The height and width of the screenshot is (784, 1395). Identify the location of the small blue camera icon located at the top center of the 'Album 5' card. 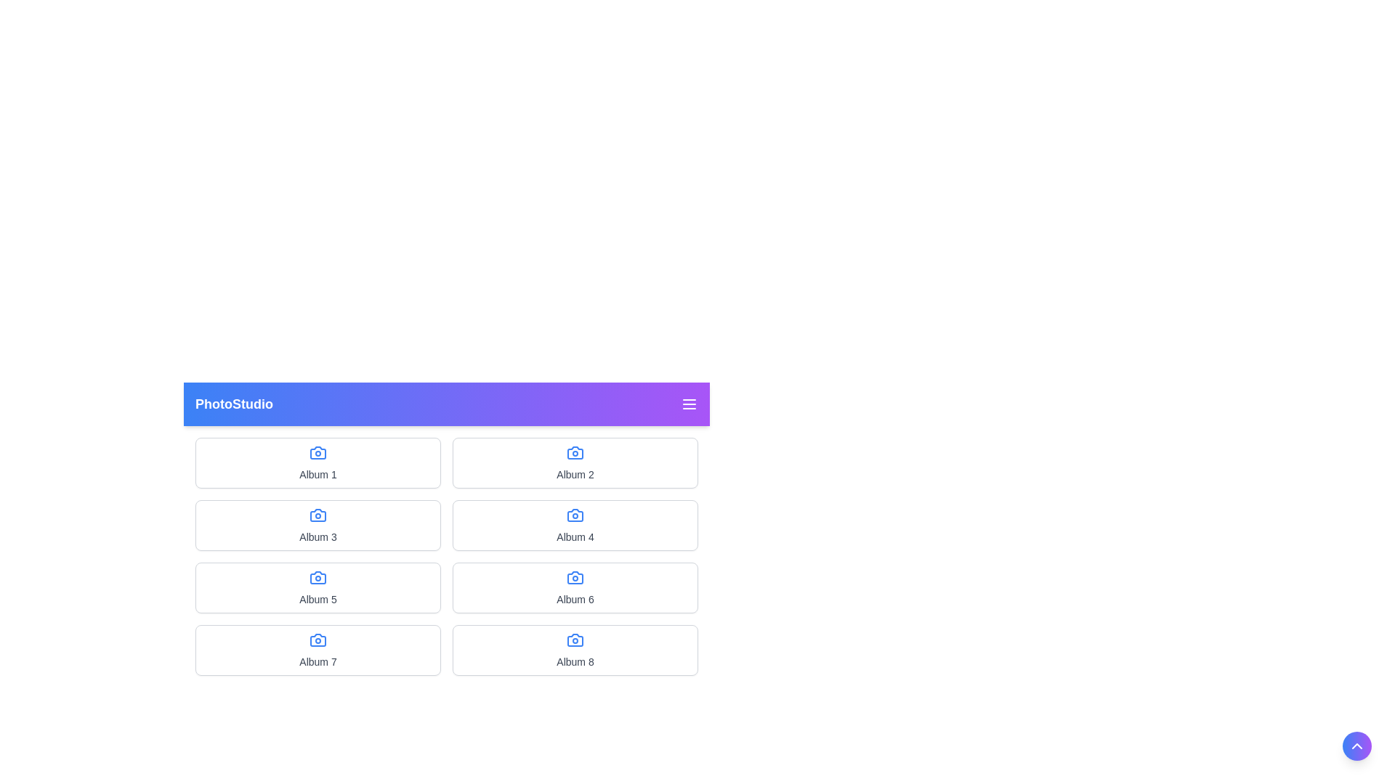
(317, 576).